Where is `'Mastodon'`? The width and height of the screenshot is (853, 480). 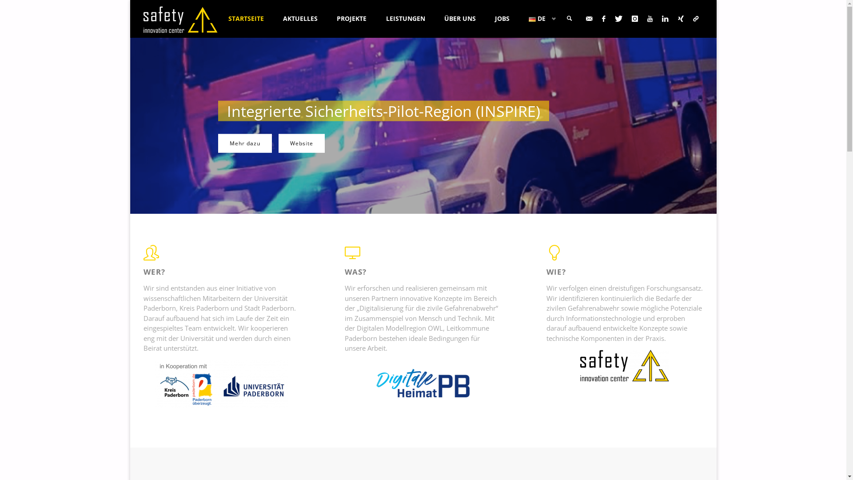 'Mastodon' is located at coordinates (695, 19).